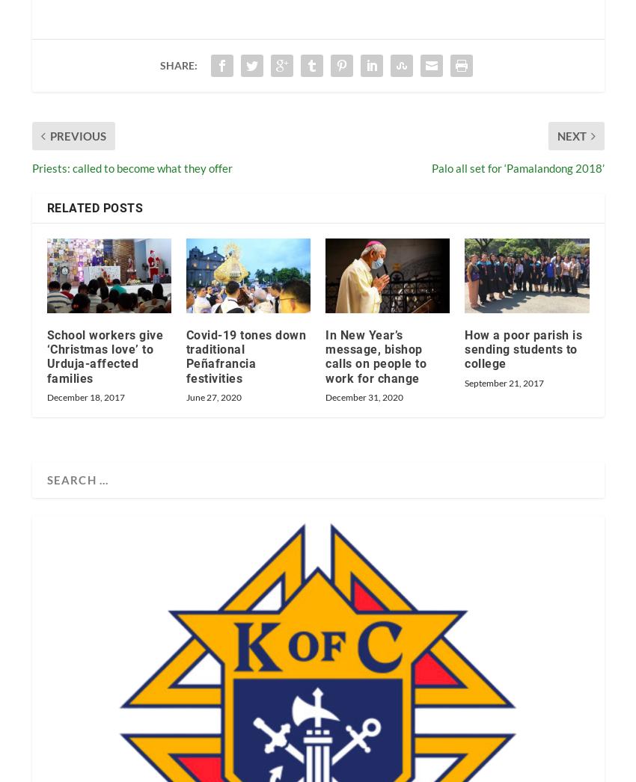 The width and height of the screenshot is (636, 782). Describe the element at coordinates (464, 348) in the screenshot. I see `'How a poor parish is sending students to college'` at that location.